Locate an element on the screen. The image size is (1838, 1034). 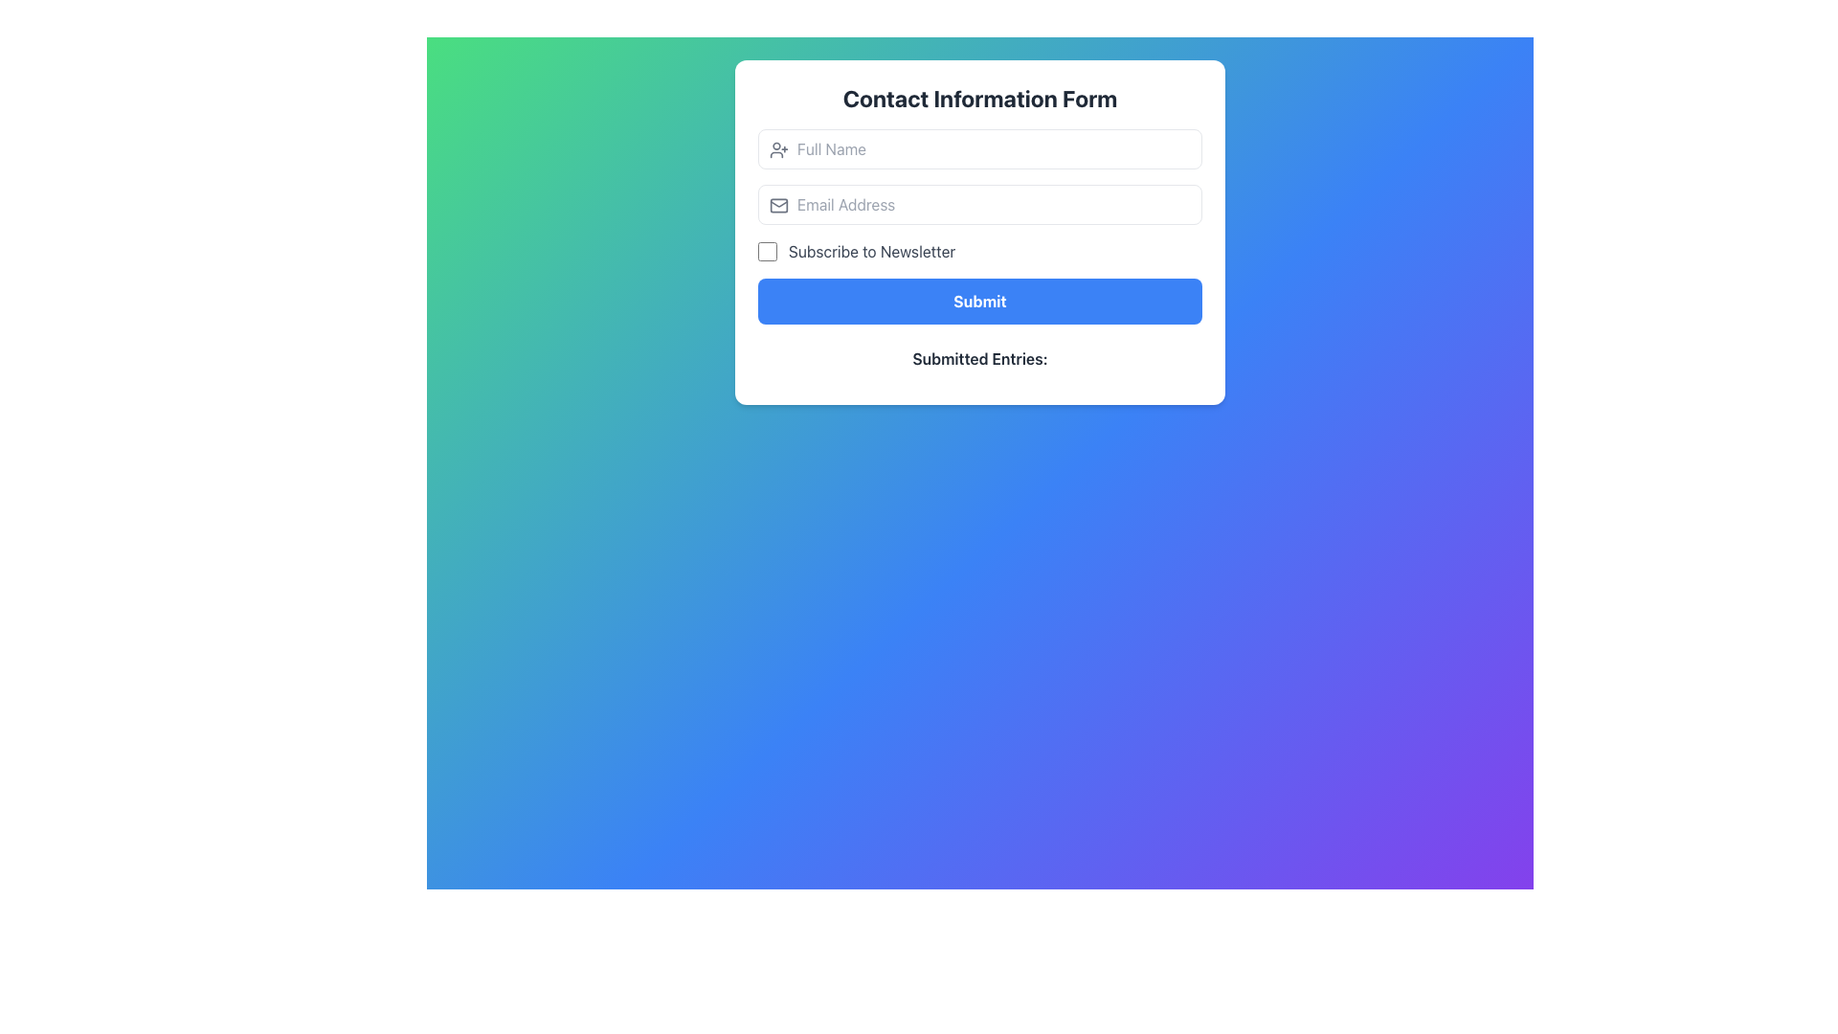
the 'Submit' button, which is a horizontally elongated button with rounded corners and a vivid blue background, to change its color is located at coordinates (979, 302).